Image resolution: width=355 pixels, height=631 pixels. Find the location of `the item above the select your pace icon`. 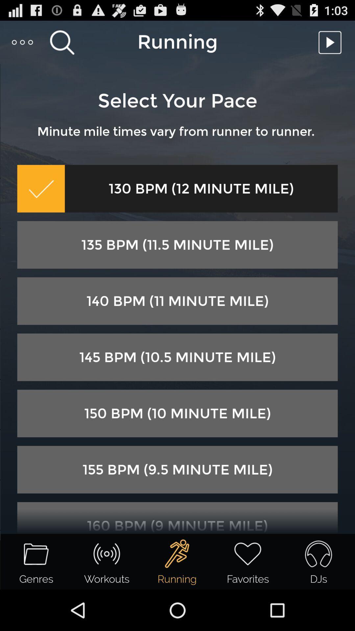

the item above the select your pace icon is located at coordinates (62, 42).